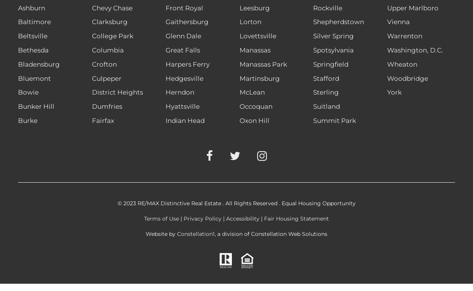  I want to click on 'Spotsylvania', so click(333, 50).